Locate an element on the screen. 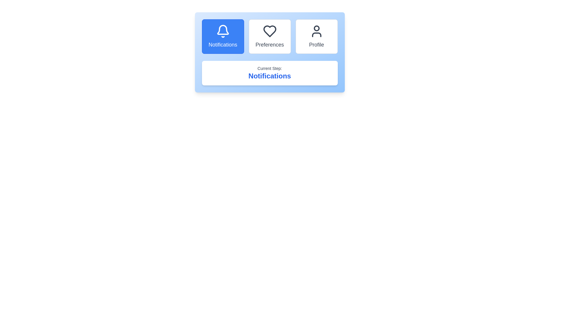 Image resolution: width=562 pixels, height=316 pixels. the step button corresponding to Preferences is located at coordinates (269, 36).